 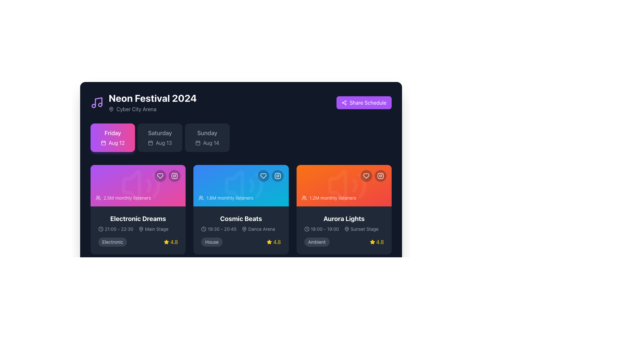 What do you see at coordinates (150, 142) in the screenshot?
I see `the small calendar icon, which is located to the left of the text 'Aug 13' within the button labeled 'Saturday, Aug 13'` at bounding box center [150, 142].